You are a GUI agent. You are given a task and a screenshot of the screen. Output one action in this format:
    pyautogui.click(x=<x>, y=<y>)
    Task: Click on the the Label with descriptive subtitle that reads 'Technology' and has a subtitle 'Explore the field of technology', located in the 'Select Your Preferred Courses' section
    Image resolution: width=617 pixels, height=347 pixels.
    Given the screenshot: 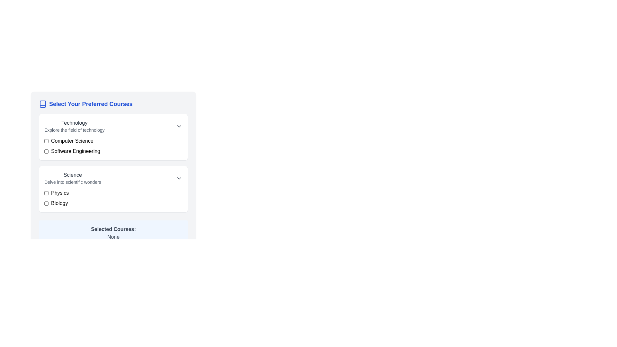 What is the action you would take?
    pyautogui.click(x=74, y=126)
    